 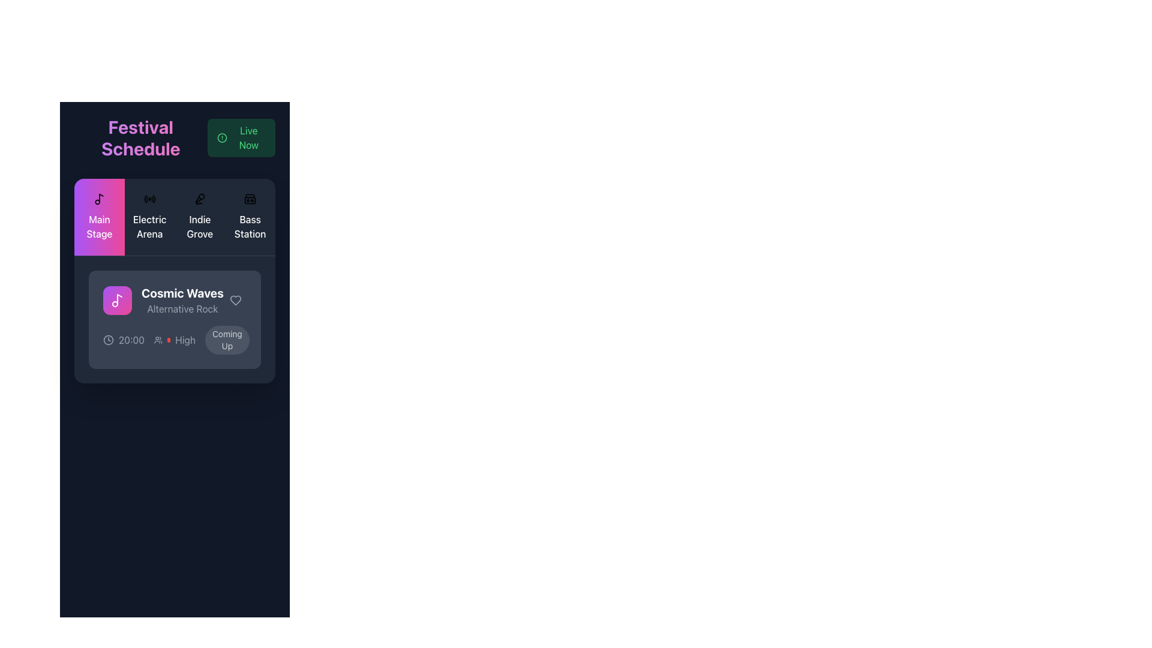 I want to click on the time indicator icon located, so click(x=109, y=340).